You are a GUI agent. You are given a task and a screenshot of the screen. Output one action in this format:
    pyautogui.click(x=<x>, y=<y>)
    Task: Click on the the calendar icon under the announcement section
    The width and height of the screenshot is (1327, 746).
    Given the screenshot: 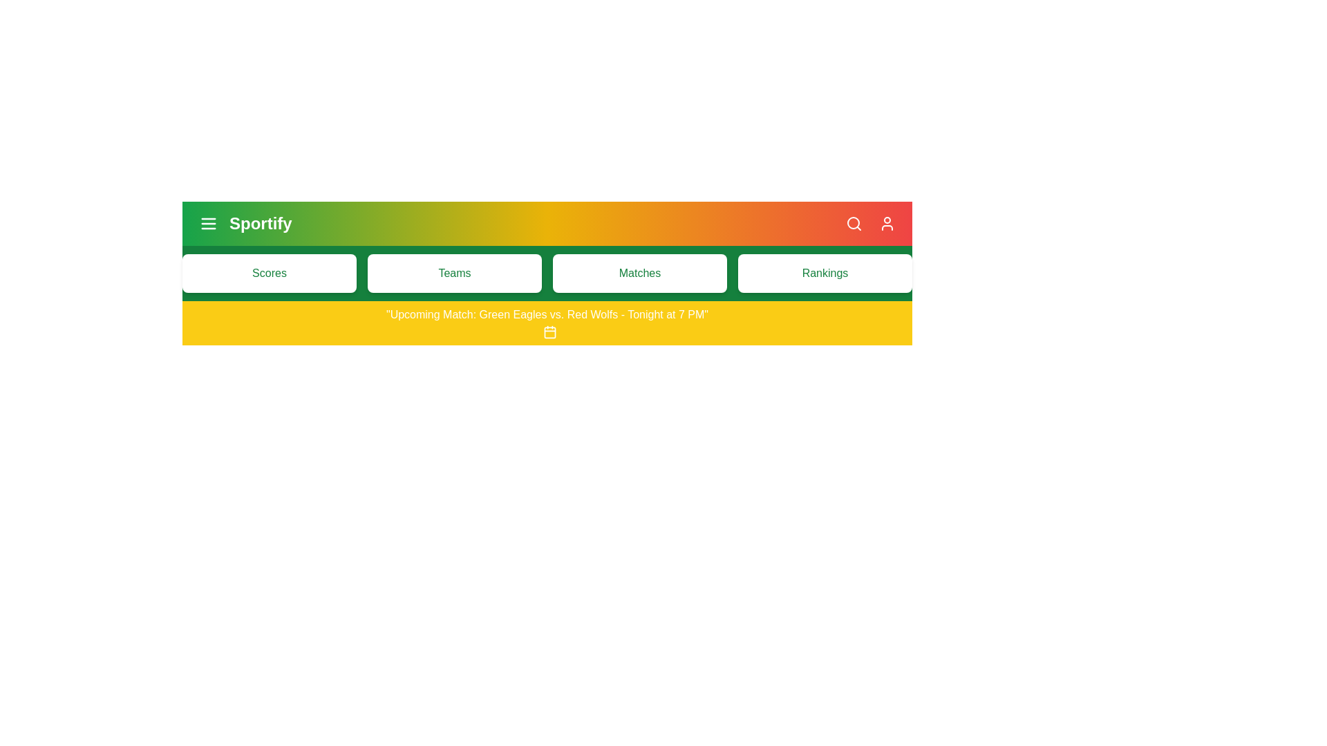 What is the action you would take?
    pyautogui.click(x=549, y=331)
    